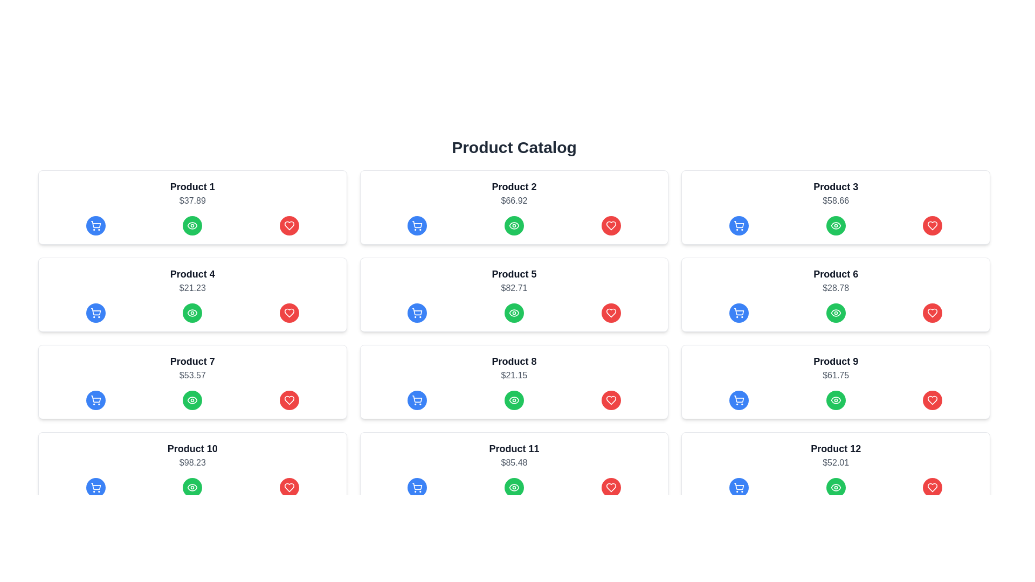  Describe the element at coordinates (417, 488) in the screenshot. I see `the circular blue button with a shopping cart icon located in the row for 'Product 11'` at that location.